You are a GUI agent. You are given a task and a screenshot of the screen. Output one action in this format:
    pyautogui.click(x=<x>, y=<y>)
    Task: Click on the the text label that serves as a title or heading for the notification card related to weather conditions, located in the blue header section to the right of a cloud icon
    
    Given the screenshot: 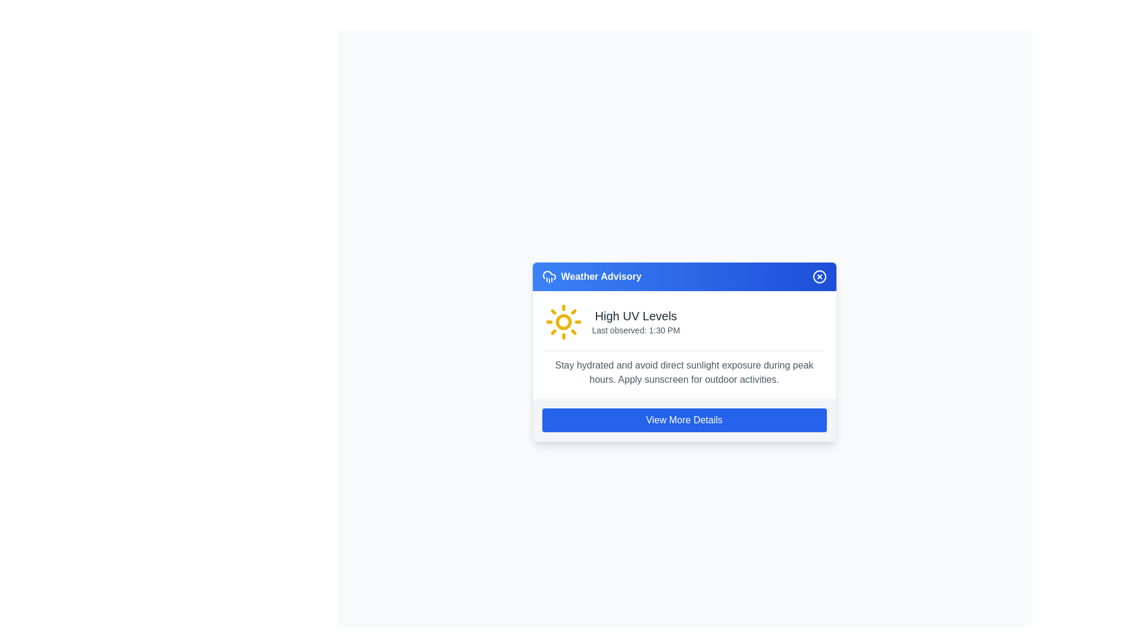 What is the action you would take?
    pyautogui.click(x=601, y=276)
    